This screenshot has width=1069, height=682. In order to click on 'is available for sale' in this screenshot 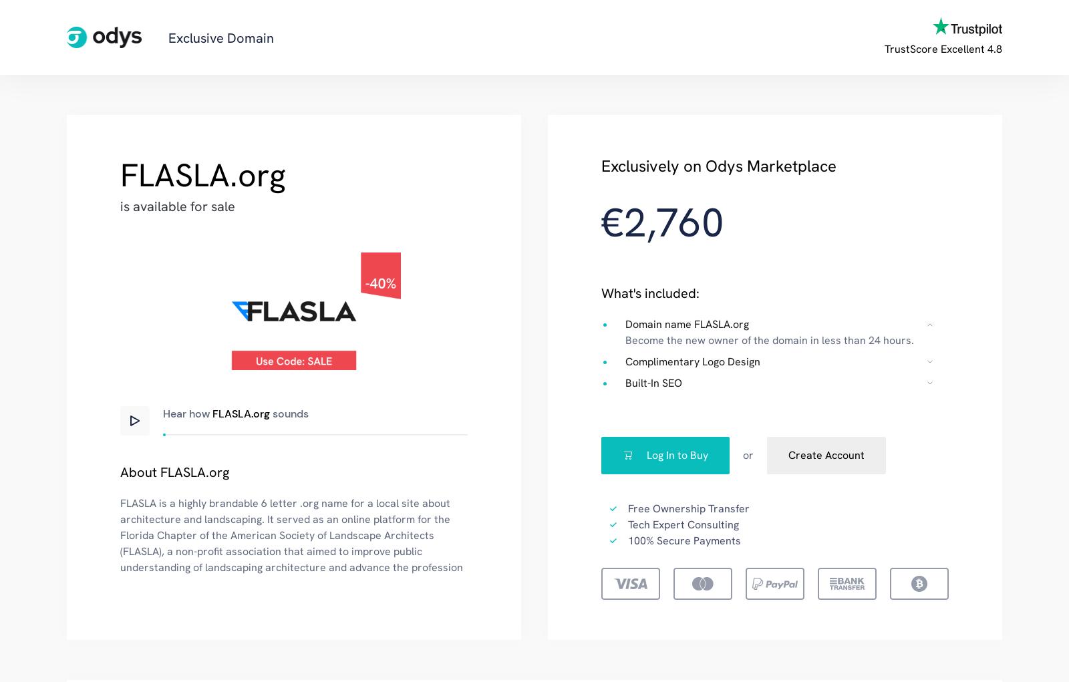, I will do `click(178, 206)`.